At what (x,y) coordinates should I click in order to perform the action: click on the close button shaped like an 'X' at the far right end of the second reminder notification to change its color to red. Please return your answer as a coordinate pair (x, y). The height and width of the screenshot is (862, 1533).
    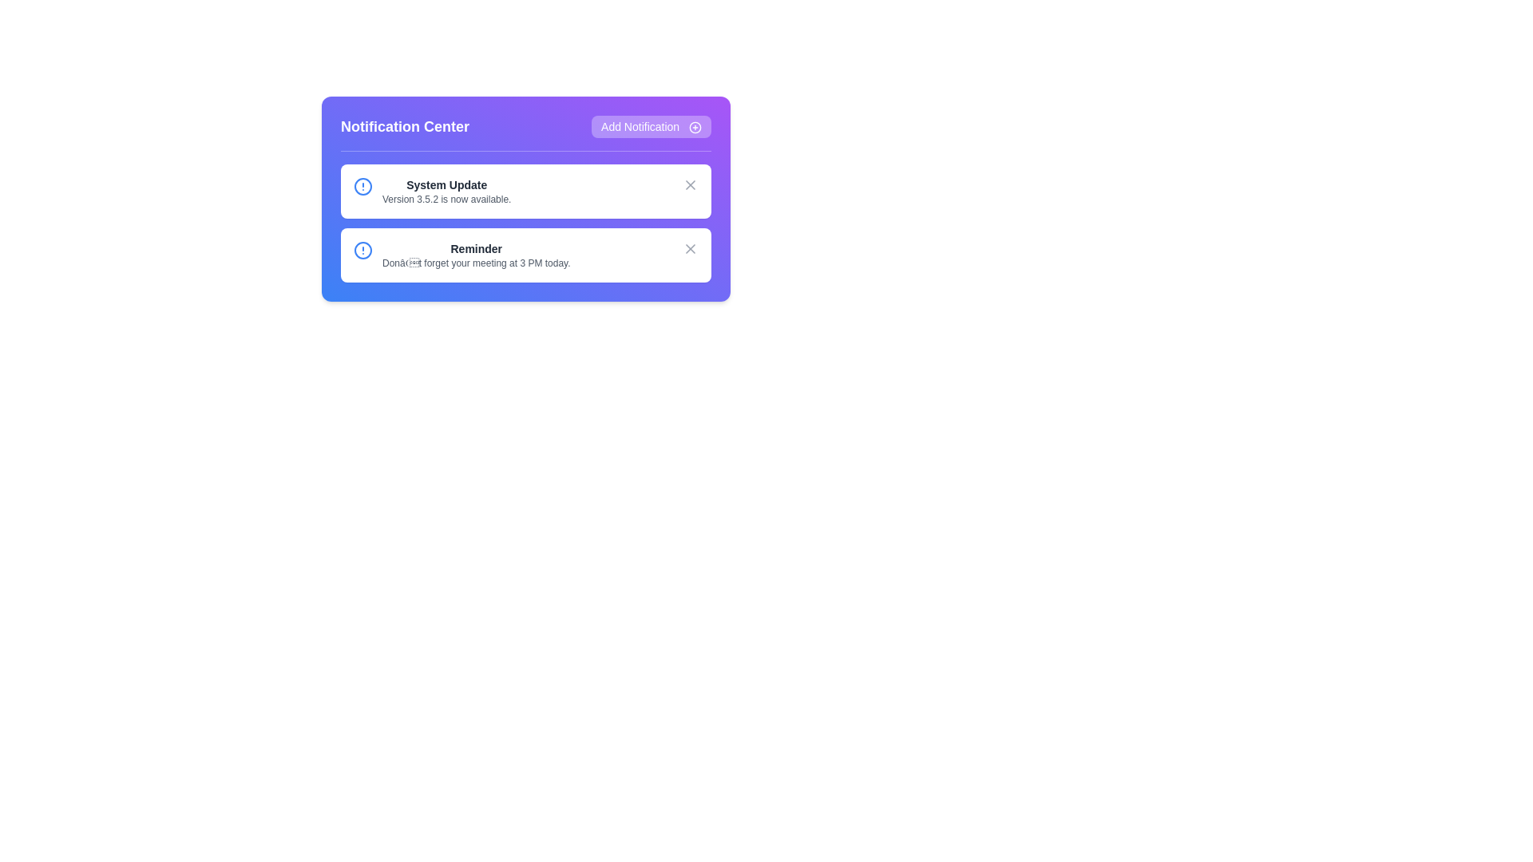
    Looking at the image, I should click on (690, 249).